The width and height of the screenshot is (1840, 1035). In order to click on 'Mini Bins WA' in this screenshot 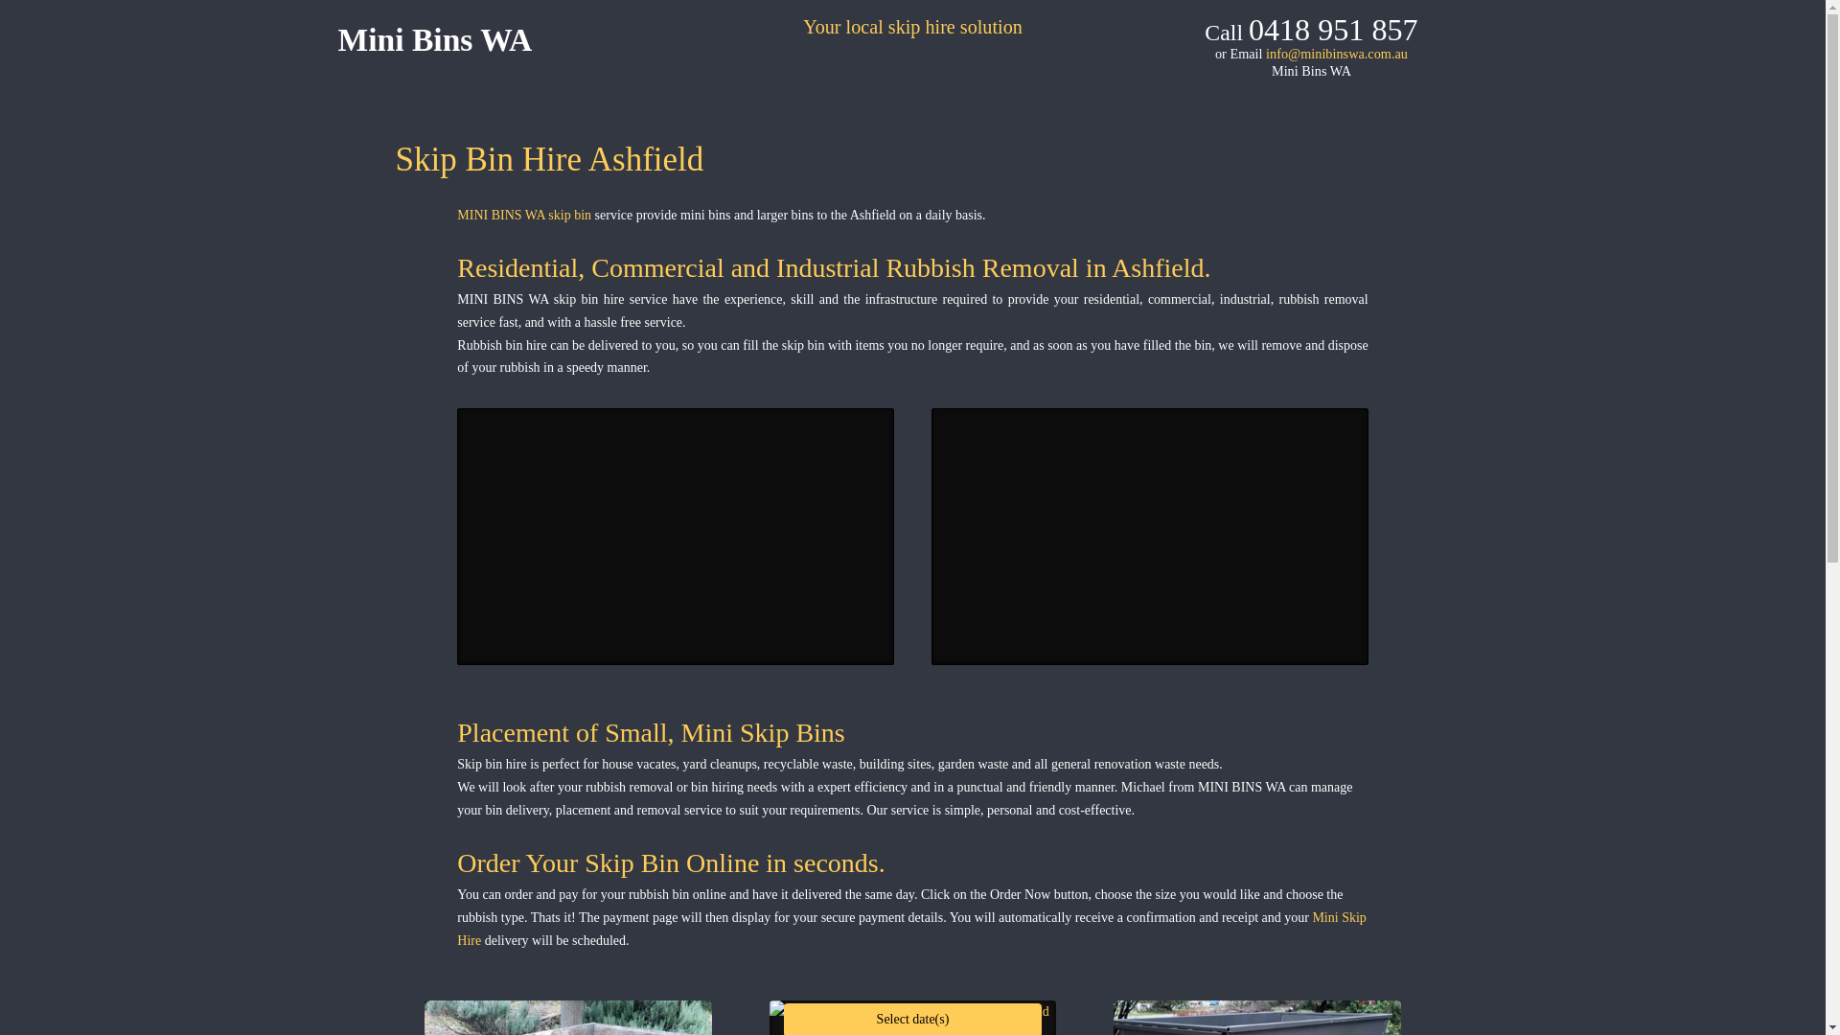, I will do `click(336, 39)`.